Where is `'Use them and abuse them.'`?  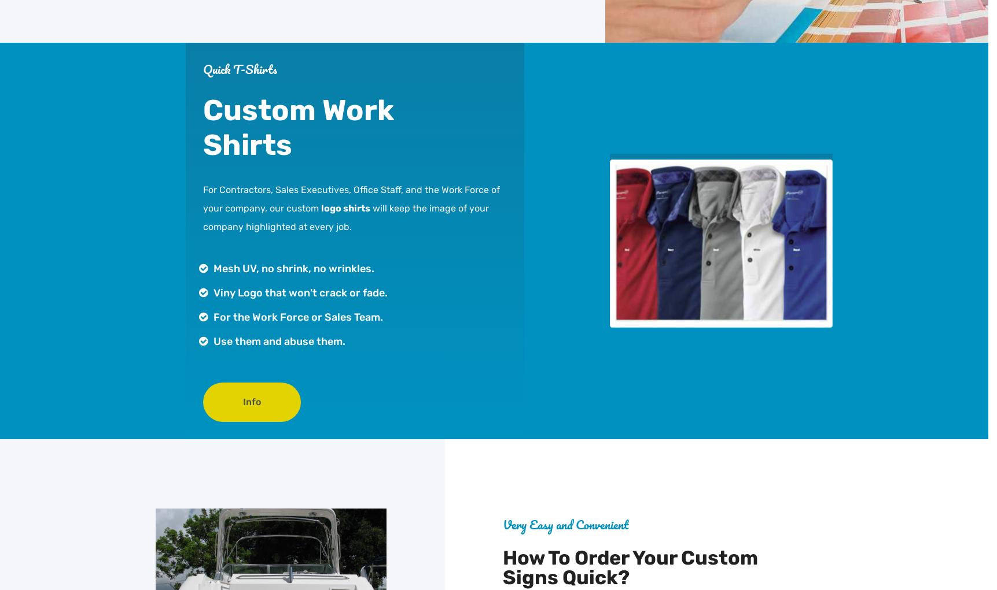
'Use them and abuse them.' is located at coordinates (278, 341).